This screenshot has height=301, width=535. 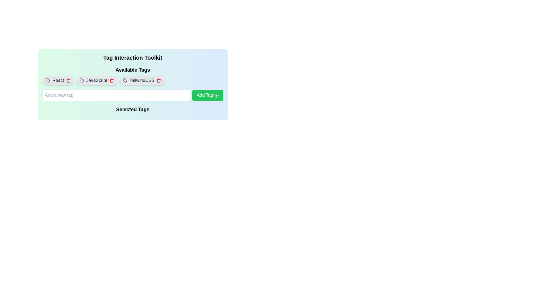 I want to click on the Tag-shaped icon (SVG) located within the 'JavaScript' tag button in the 'Available Tags' section of the UI, which is positioned towards the left side adjacent to the text label 'JavaScript', so click(x=81, y=81).